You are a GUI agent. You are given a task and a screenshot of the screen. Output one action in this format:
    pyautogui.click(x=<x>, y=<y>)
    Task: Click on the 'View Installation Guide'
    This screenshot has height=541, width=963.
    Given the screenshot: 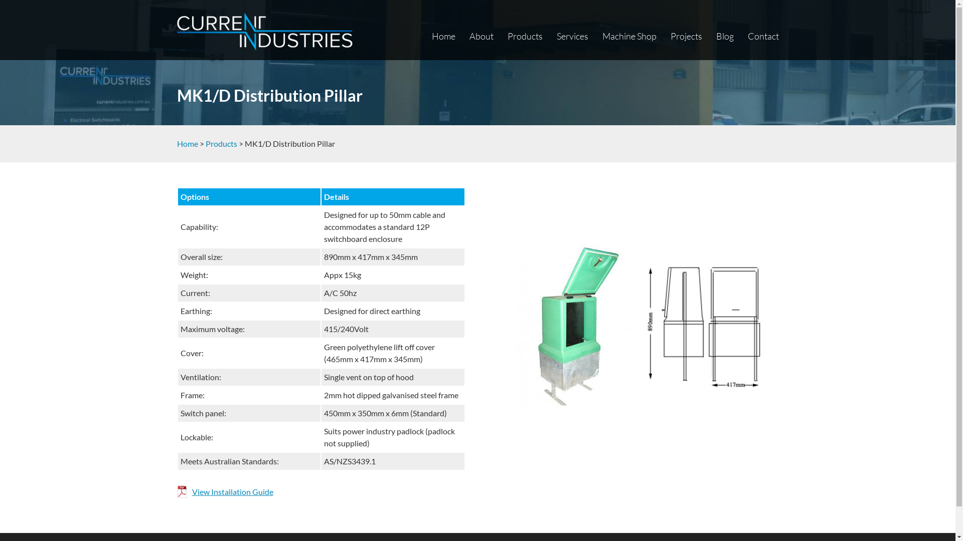 What is the action you would take?
    pyautogui.click(x=224, y=491)
    